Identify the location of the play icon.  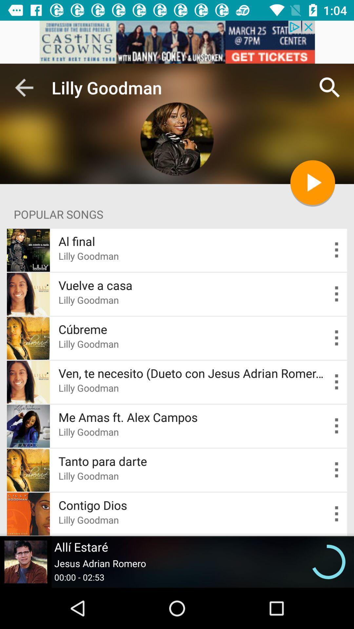
(312, 182).